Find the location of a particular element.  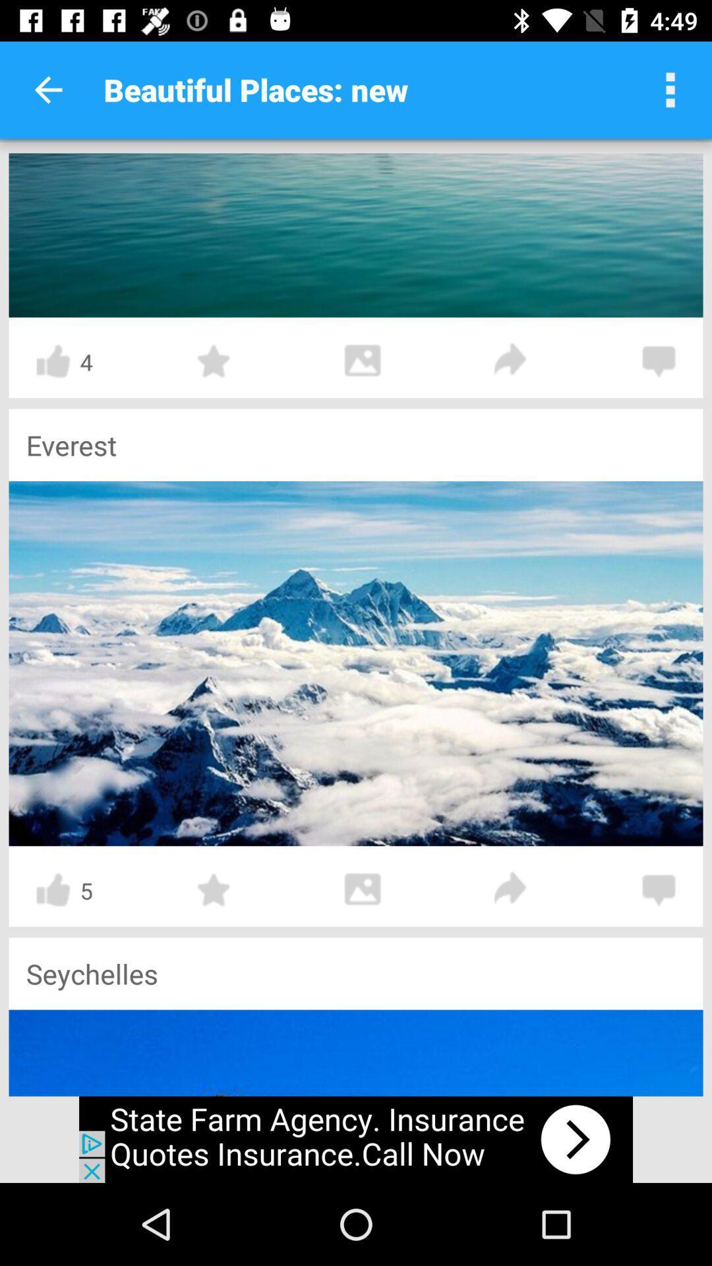

switch forward option is located at coordinates (510, 889).